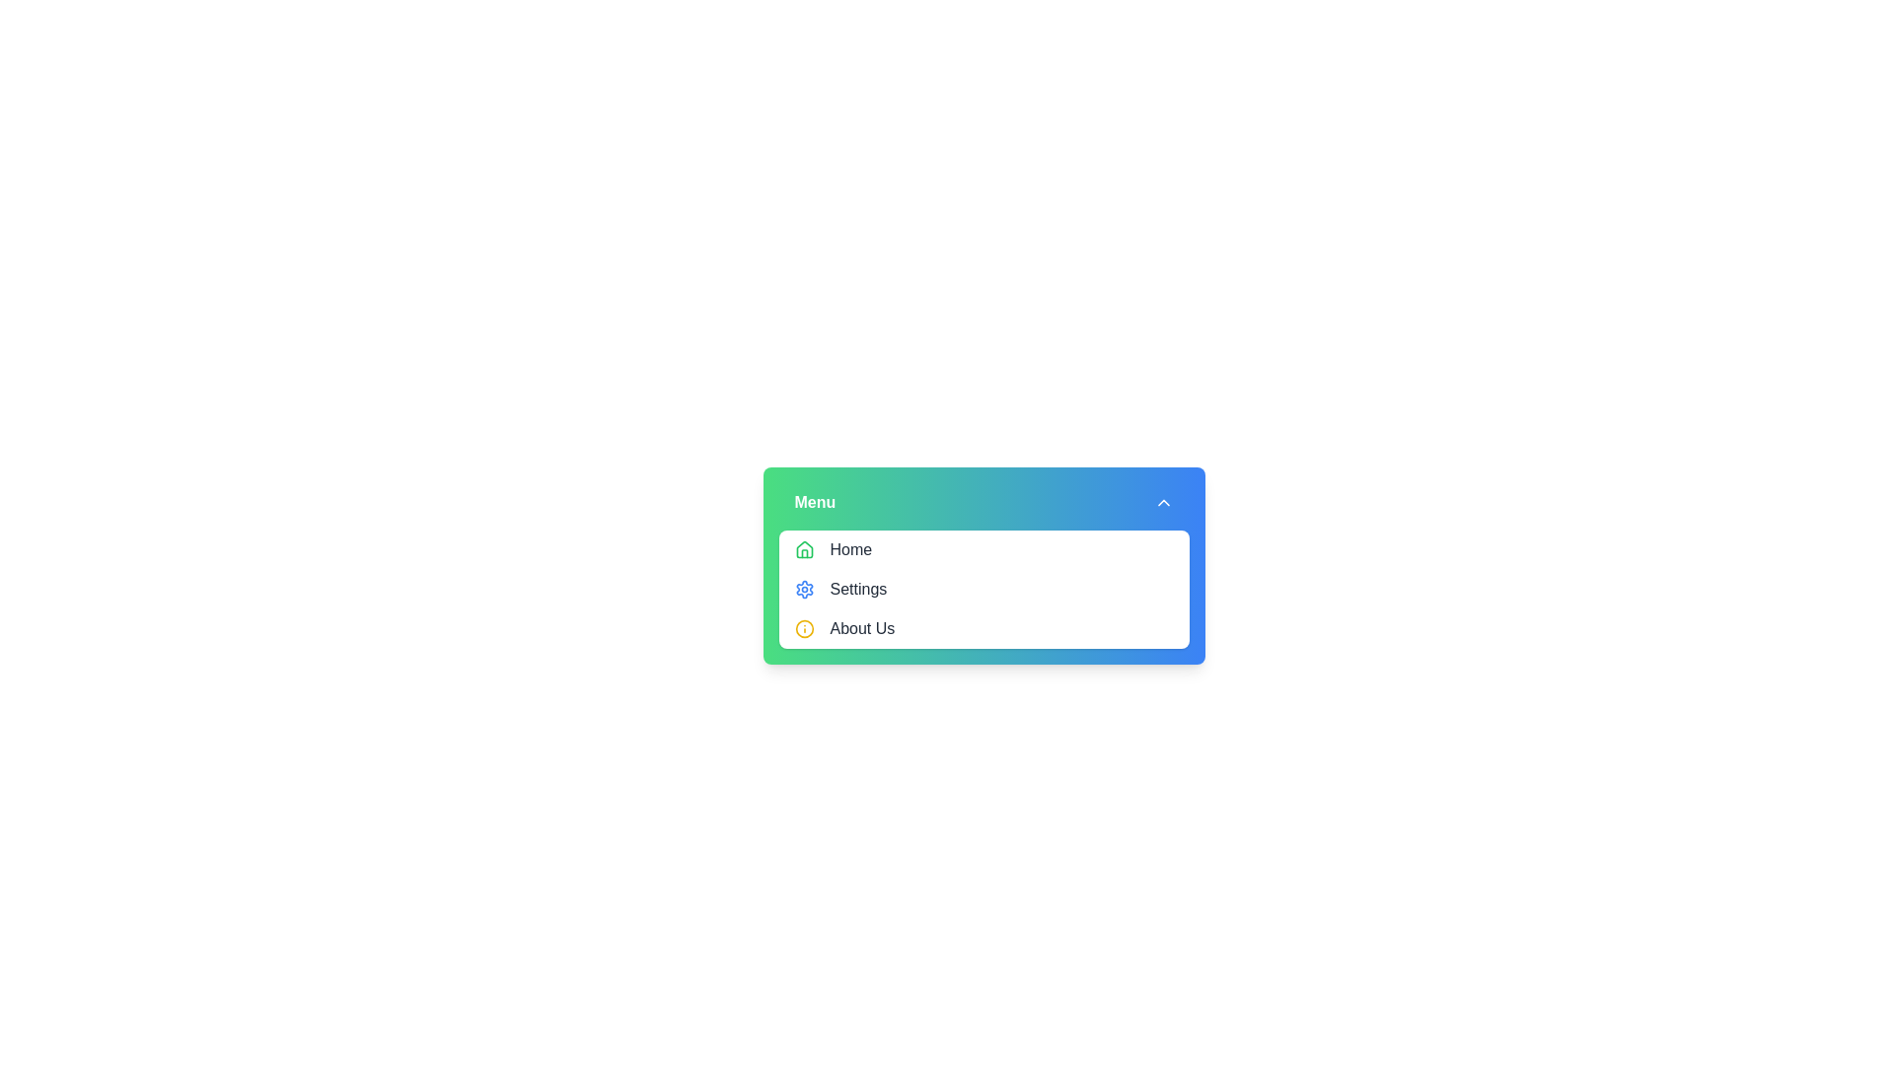  What do you see at coordinates (983, 550) in the screenshot?
I see `the 'Home' menu item` at bounding box center [983, 550].